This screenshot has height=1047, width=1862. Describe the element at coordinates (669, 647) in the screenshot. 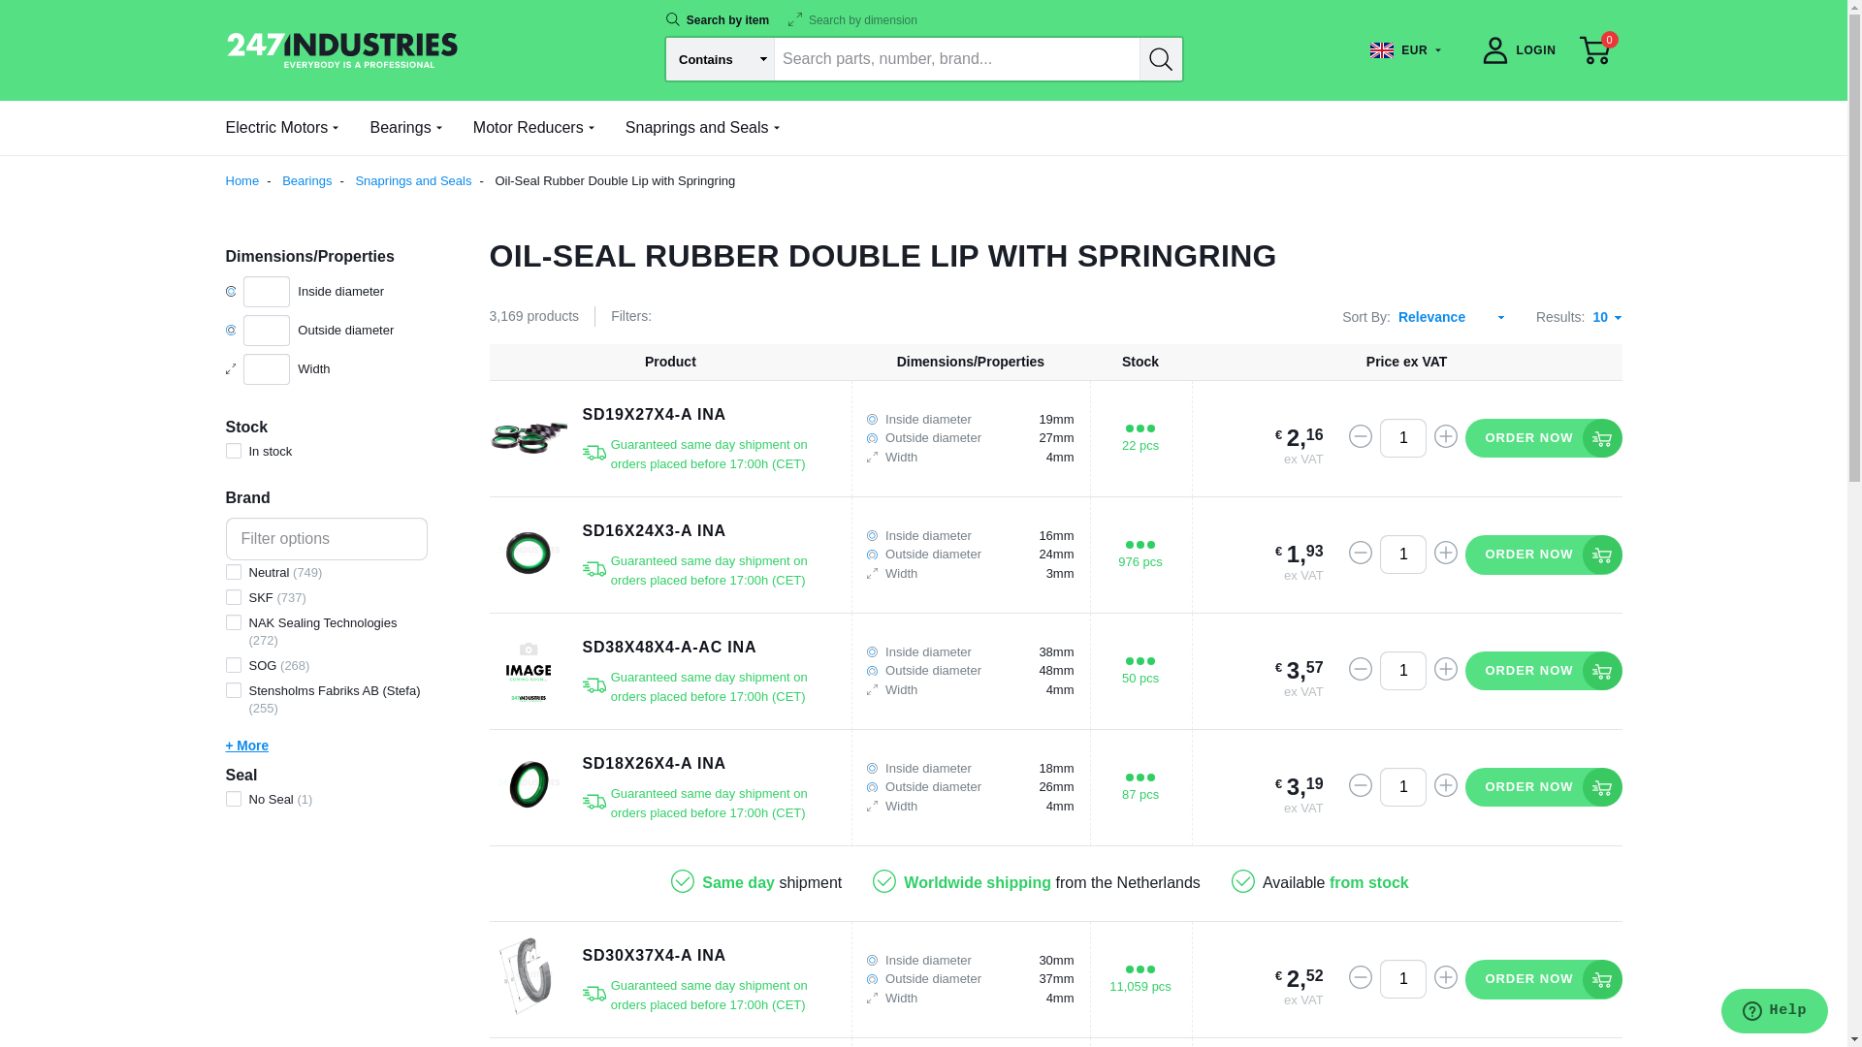

I see `'SD38X48X4-A-AC INA'` at that location.